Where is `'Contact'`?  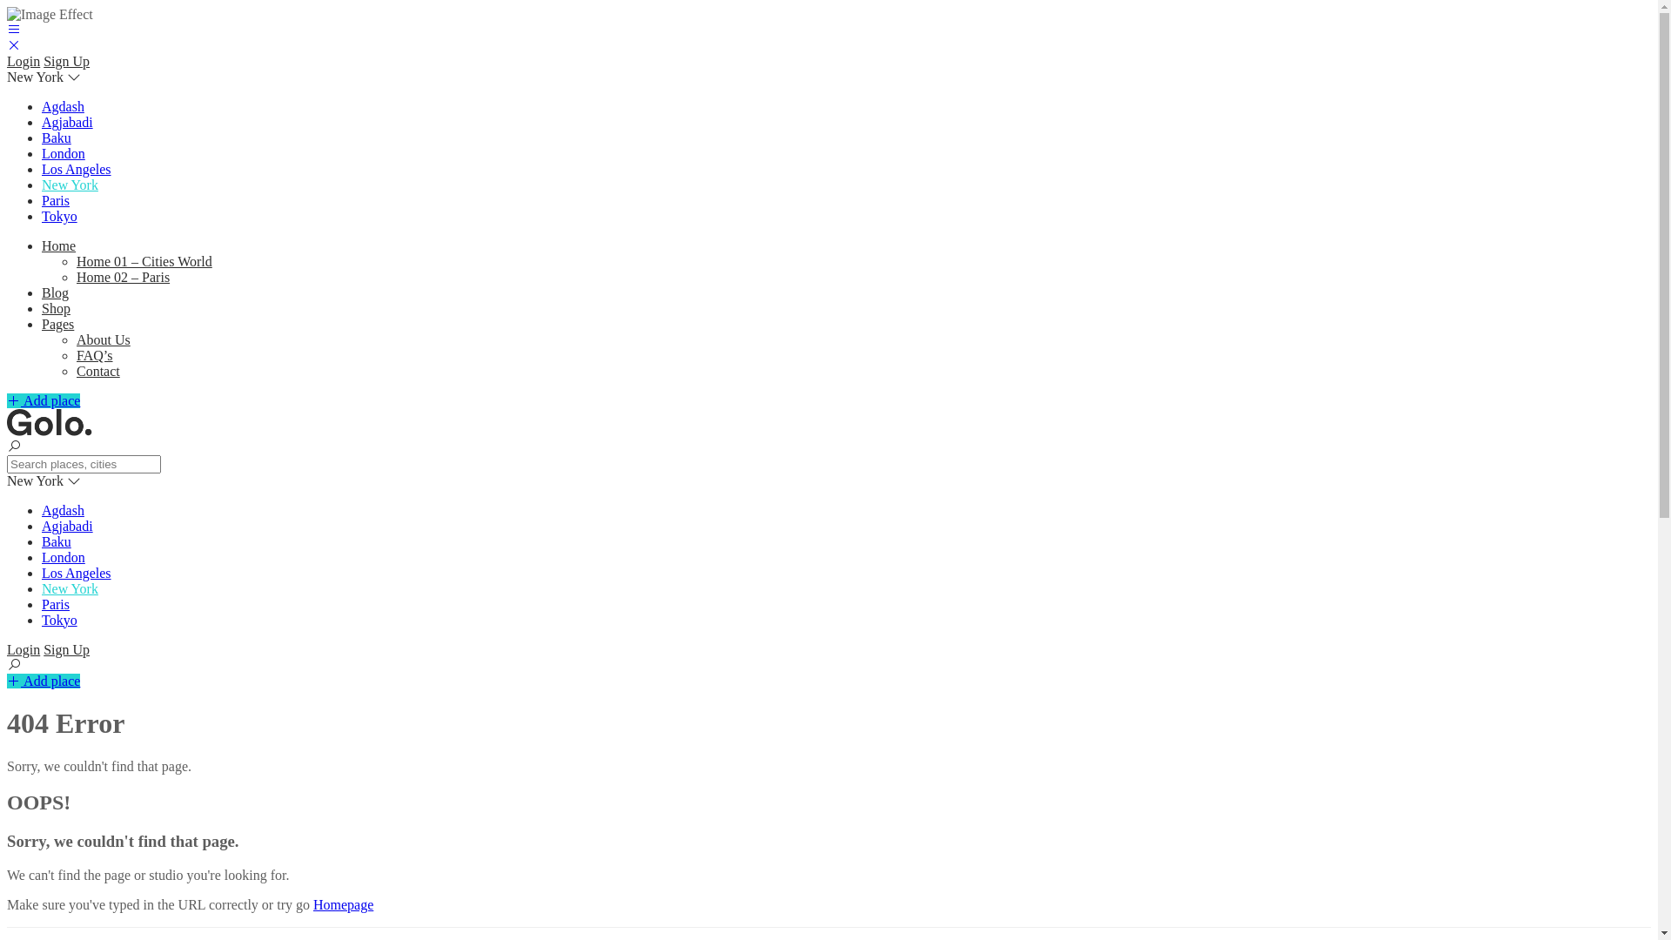 'Contact' is located at coordinates (75, 370).